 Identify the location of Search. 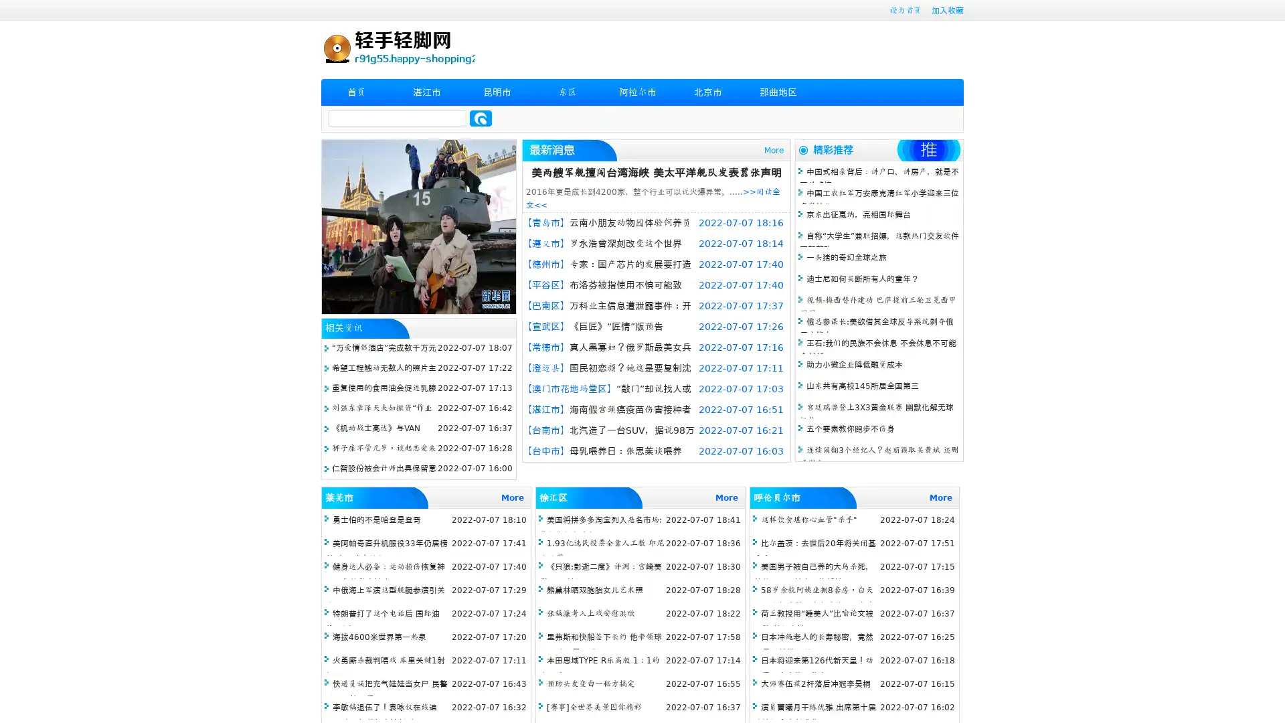
(481, 118).